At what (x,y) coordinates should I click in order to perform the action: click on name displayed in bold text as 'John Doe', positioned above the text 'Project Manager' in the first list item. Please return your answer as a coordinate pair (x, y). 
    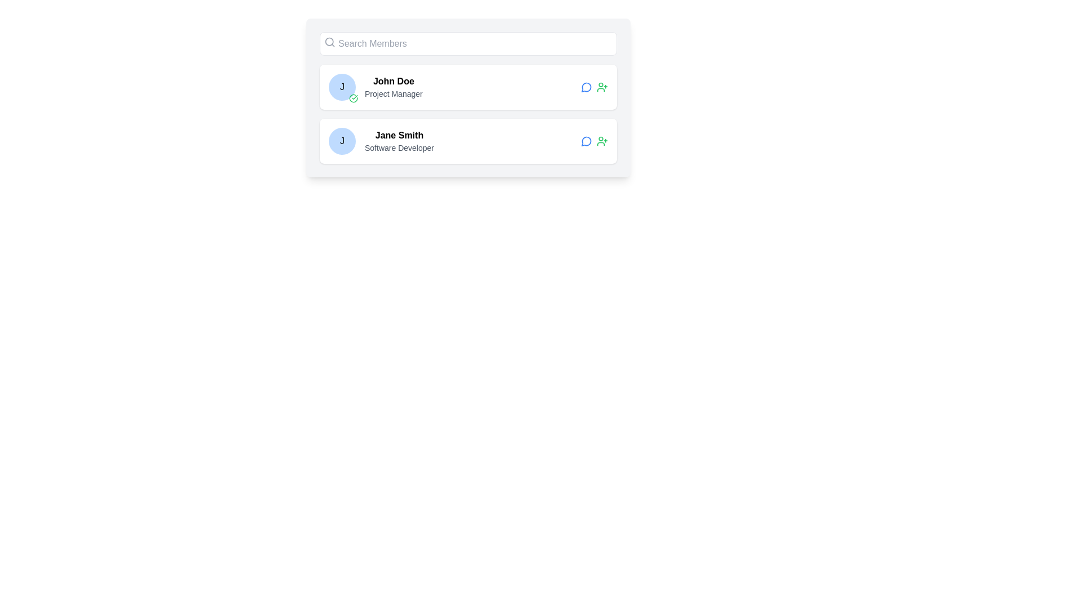
    Looking at the image, I should click on (394, 81).